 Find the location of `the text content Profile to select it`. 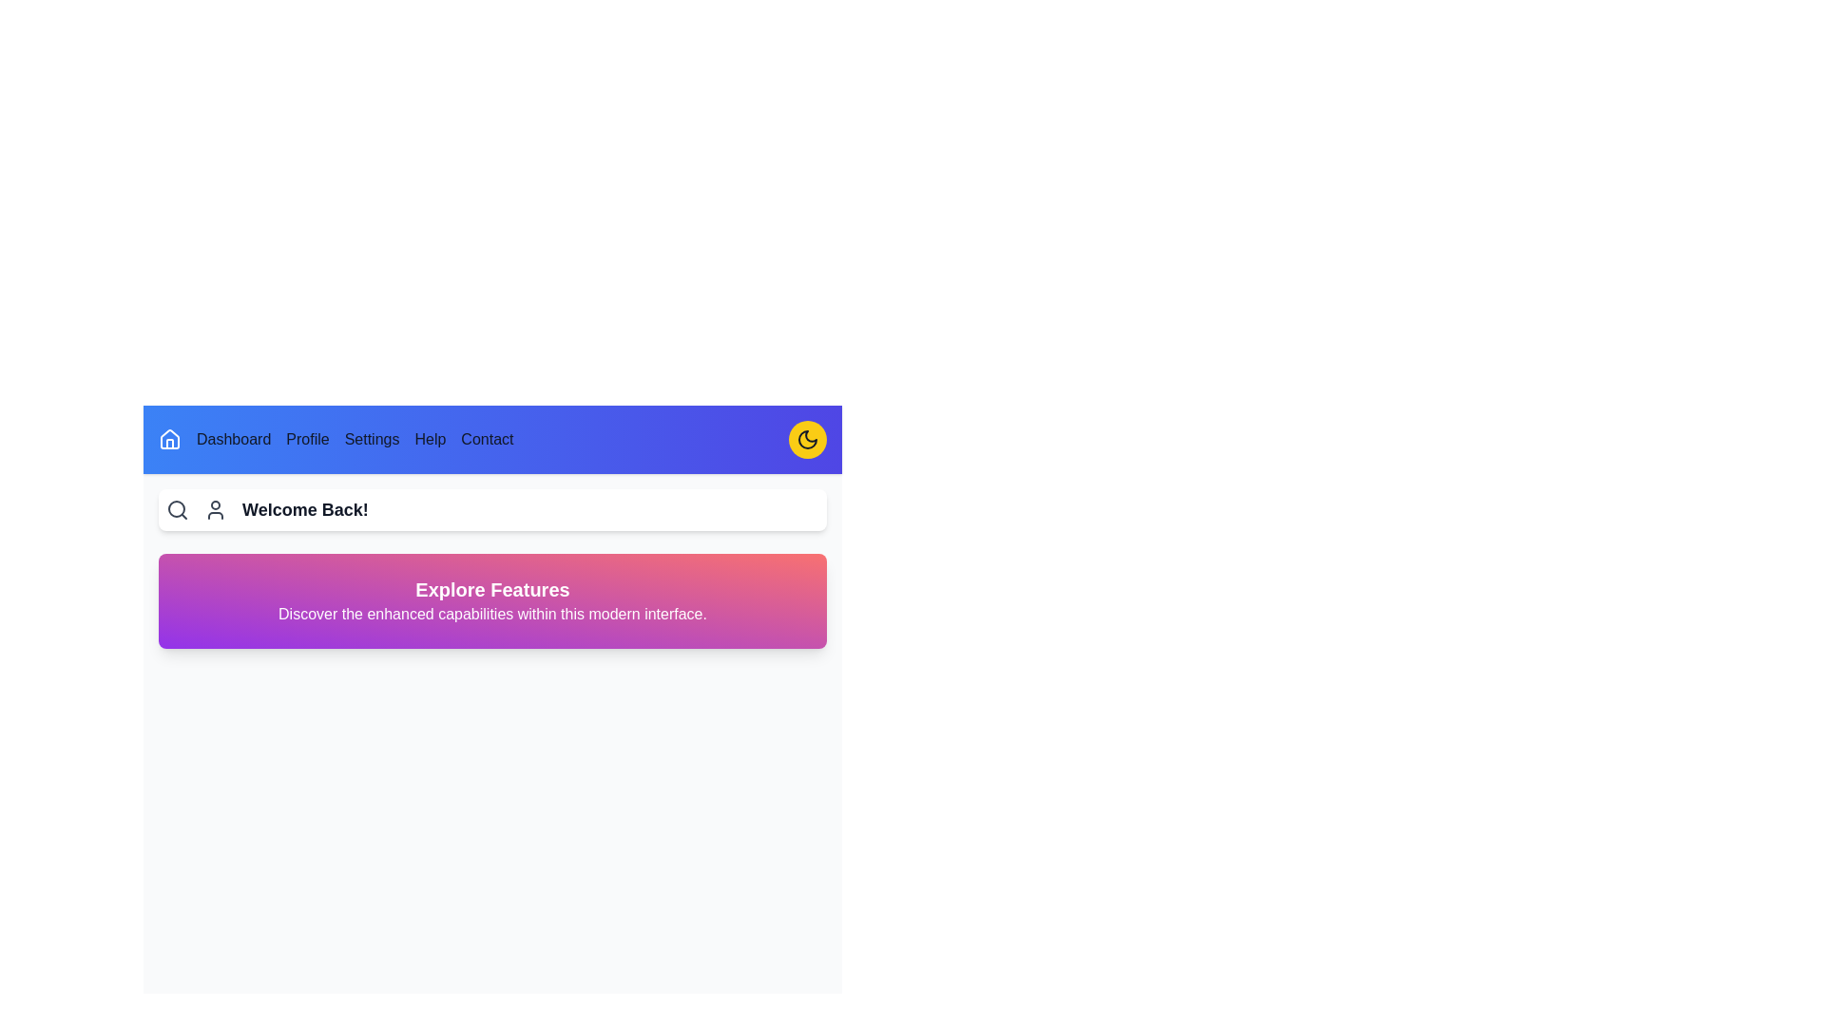

the text content Profile to select it is located at coordinates (307, 439).